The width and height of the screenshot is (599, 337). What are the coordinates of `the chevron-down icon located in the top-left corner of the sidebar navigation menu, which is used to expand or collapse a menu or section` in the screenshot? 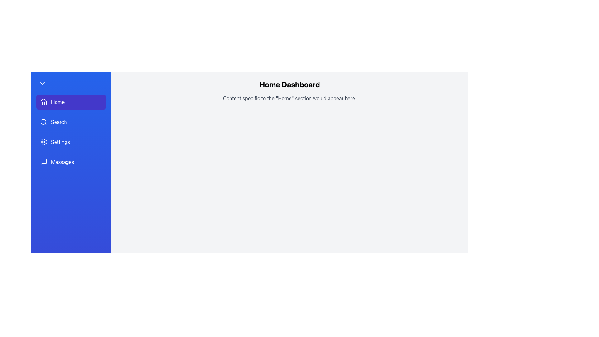 It's located at (42, 83).